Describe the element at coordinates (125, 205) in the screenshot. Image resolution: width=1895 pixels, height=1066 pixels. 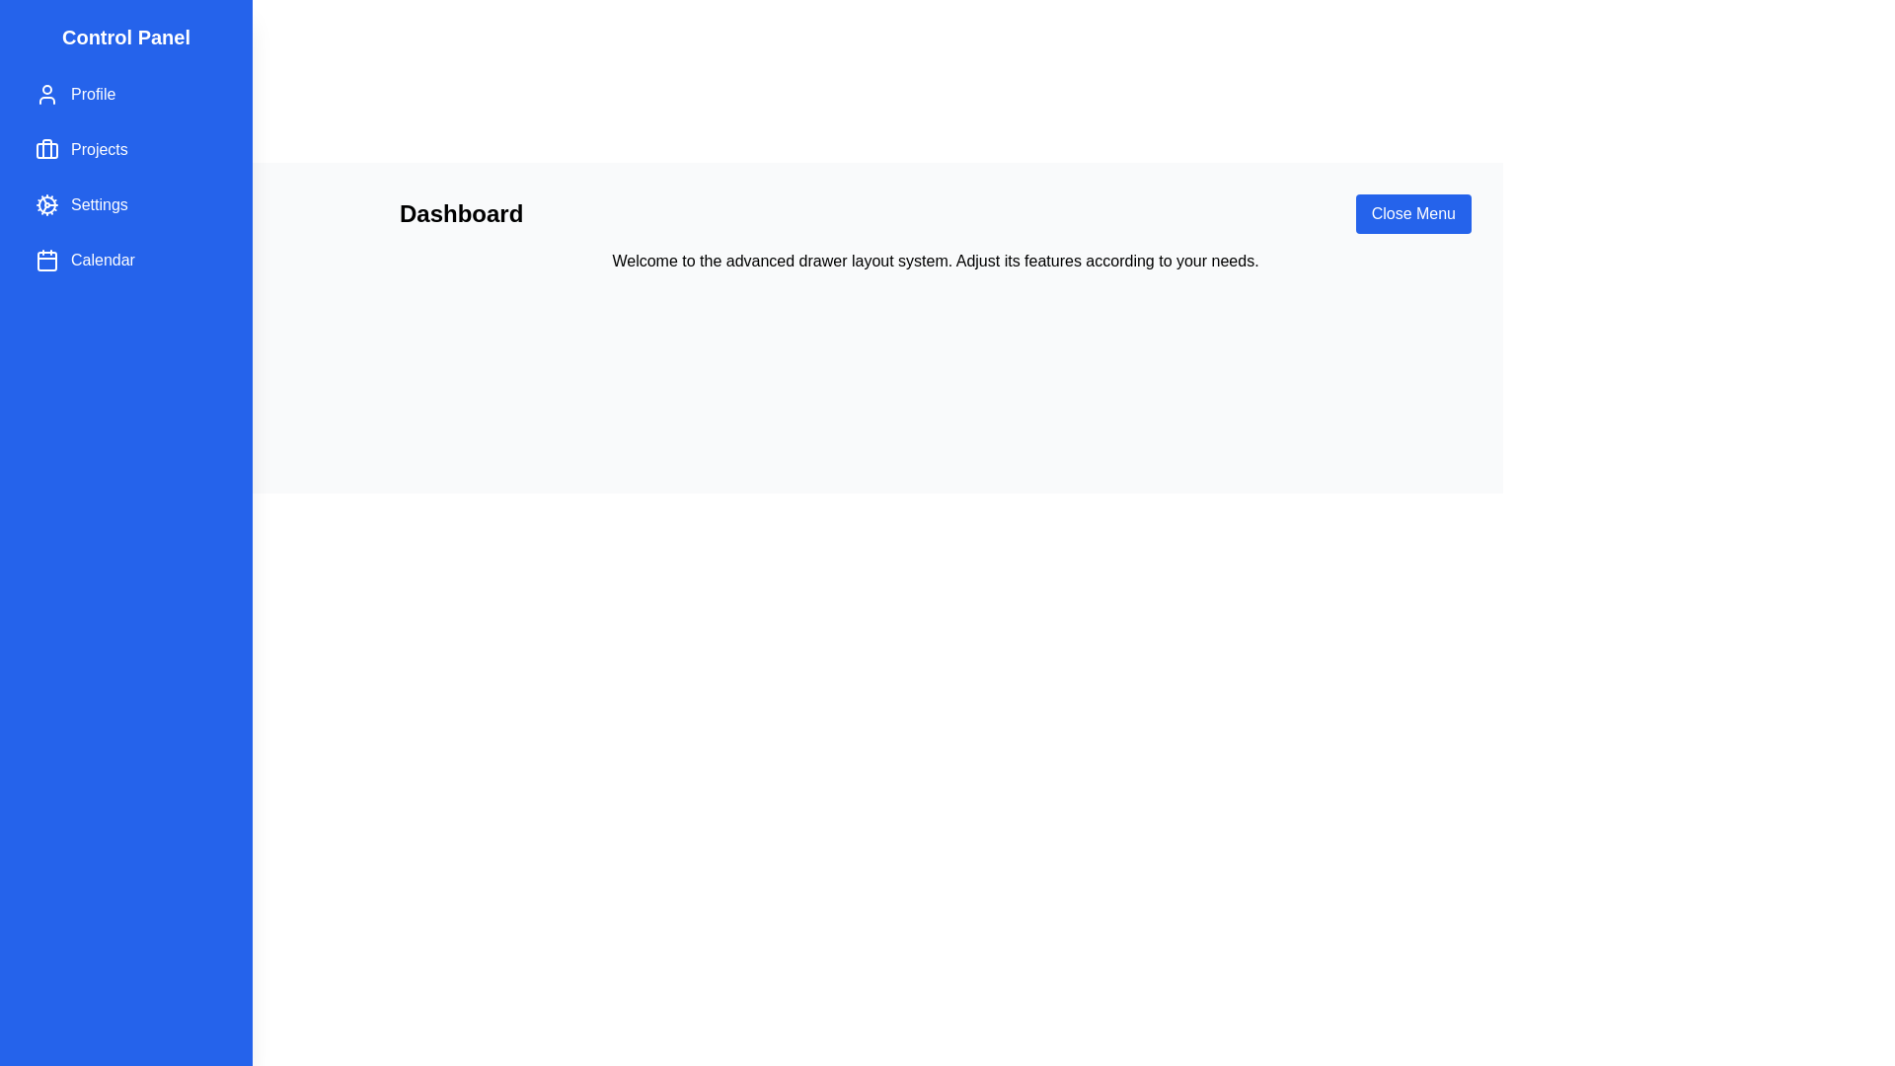
I see `the third item in the vertical navigational menu on the left sidebar, which leads to the 'Settings' section of the application, to trigger visual feedback` at that location.